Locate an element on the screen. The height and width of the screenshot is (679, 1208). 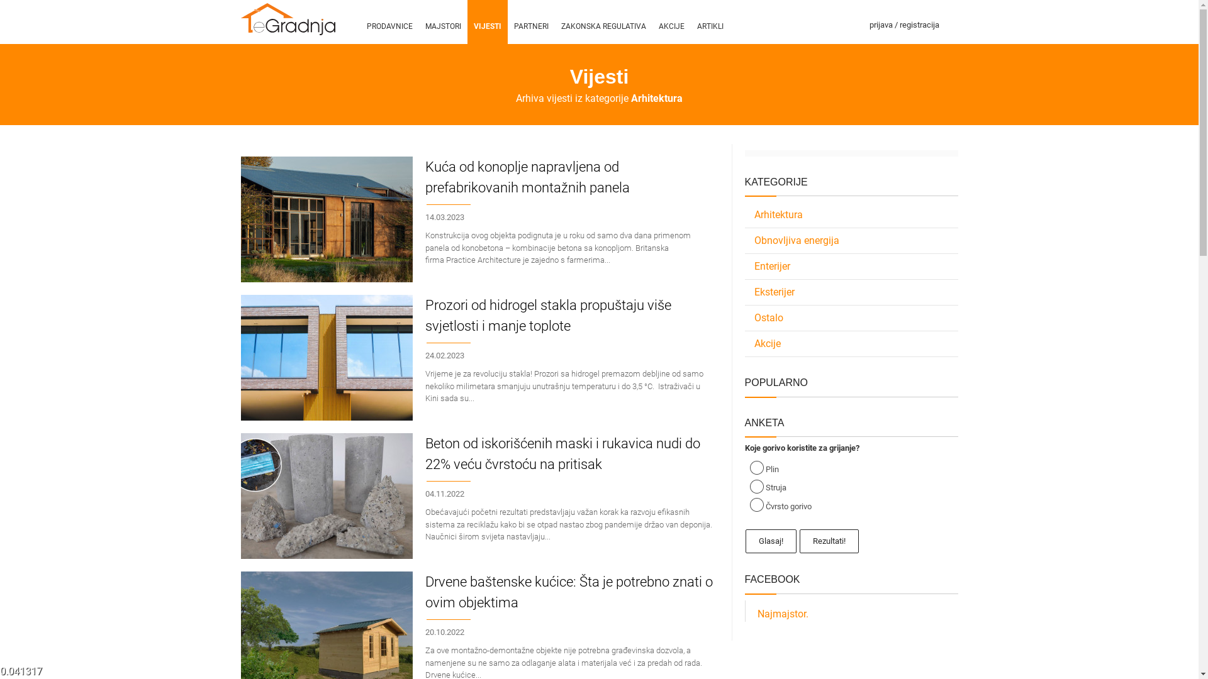
'ZAKONSKA REGULATIVA' is located at coordinates (554, 21).